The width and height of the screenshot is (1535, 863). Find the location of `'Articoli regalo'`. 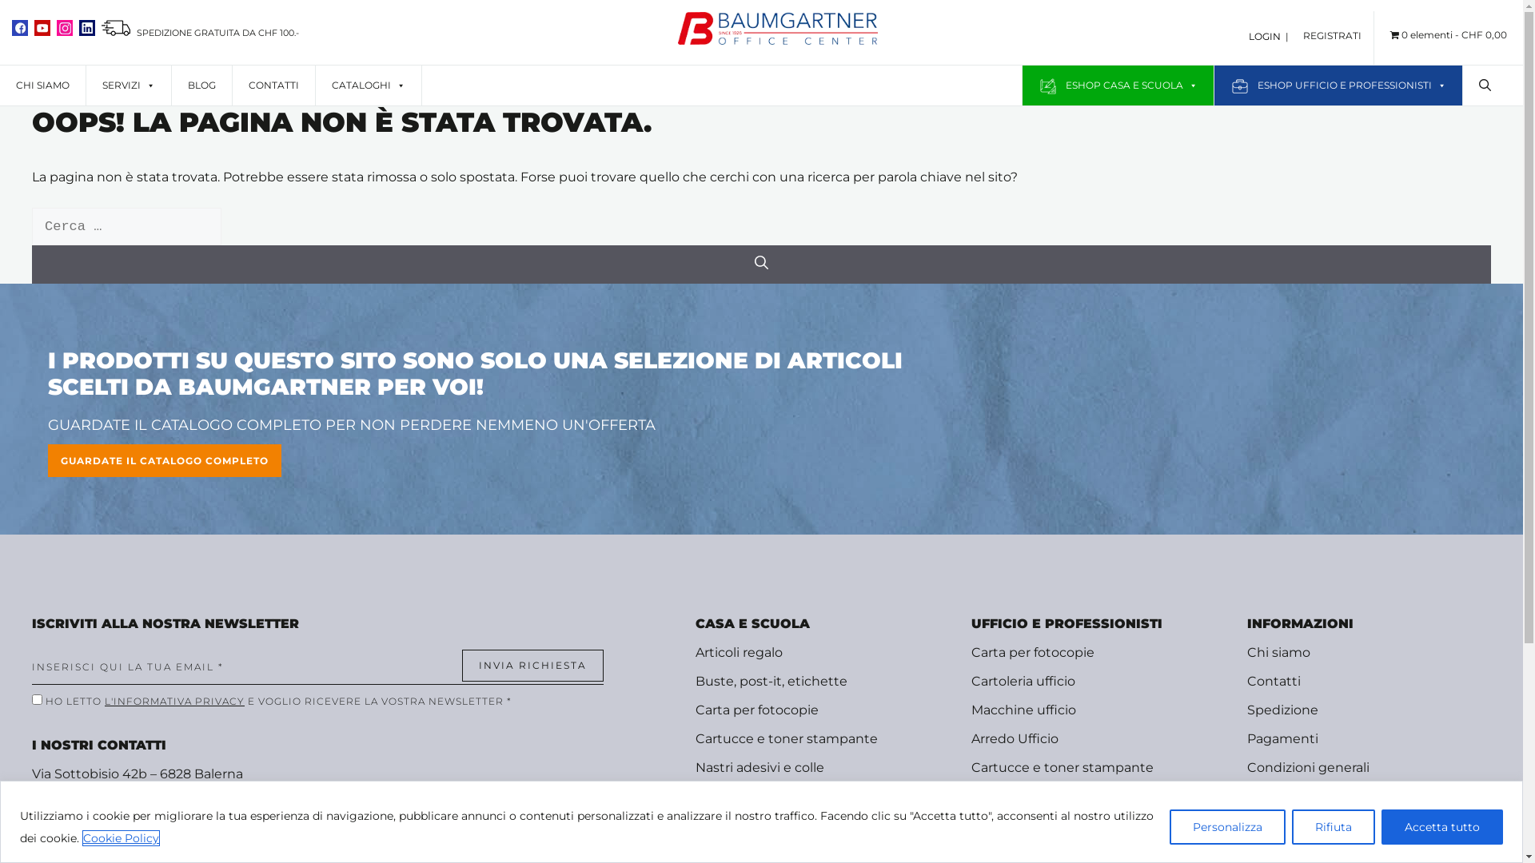

'Articoli regalo' is located at coordinates (738, 652).